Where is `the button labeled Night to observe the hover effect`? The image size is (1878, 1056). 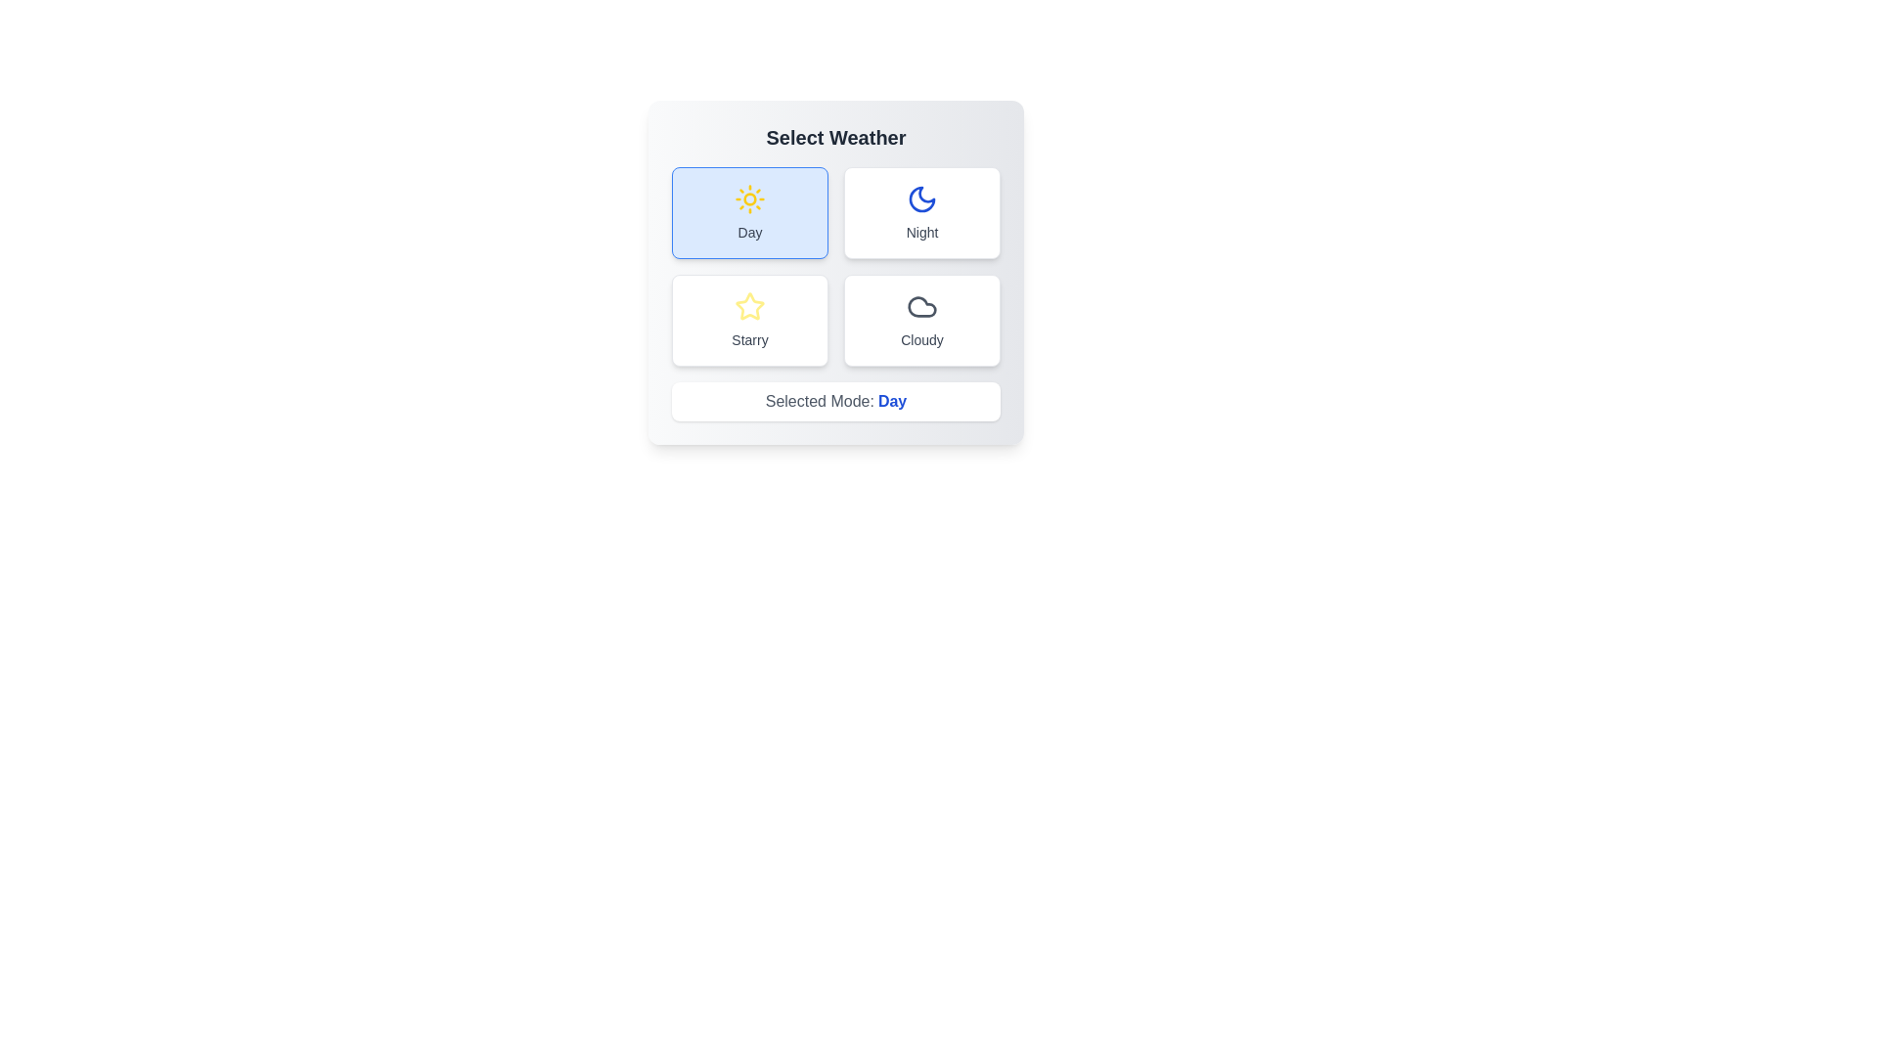
the button labeled Night to observe the hover effect is located at coordinates (920, 213).